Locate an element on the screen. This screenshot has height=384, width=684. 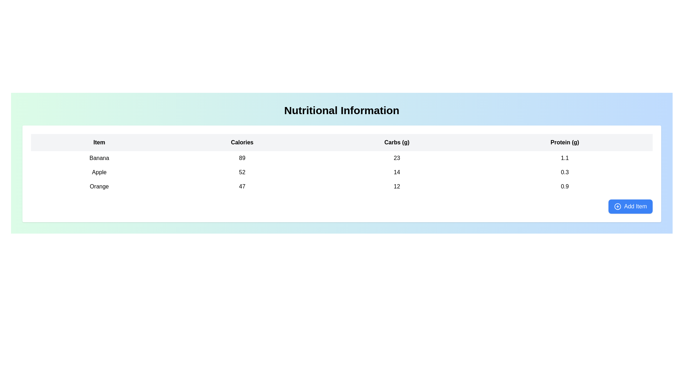
the informational text label displaying the protein content for the 'Banana' row in grams, located in the 'Protein (g)' column of the nutritional information table is located at coordinates (564, 158).